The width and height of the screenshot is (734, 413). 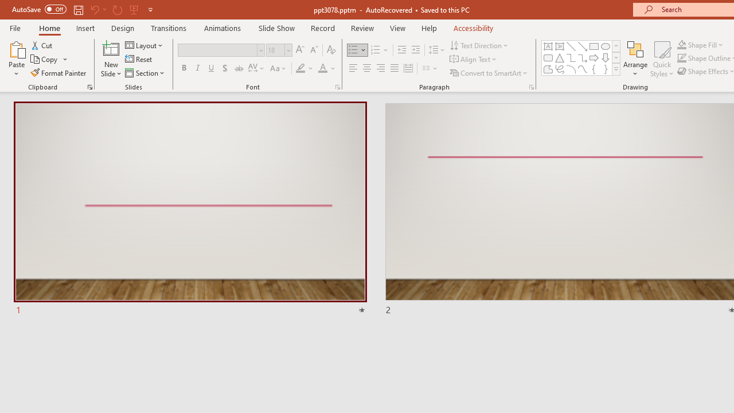 I want to click on 'Office Clipboard...', so click(x=89, y=86).